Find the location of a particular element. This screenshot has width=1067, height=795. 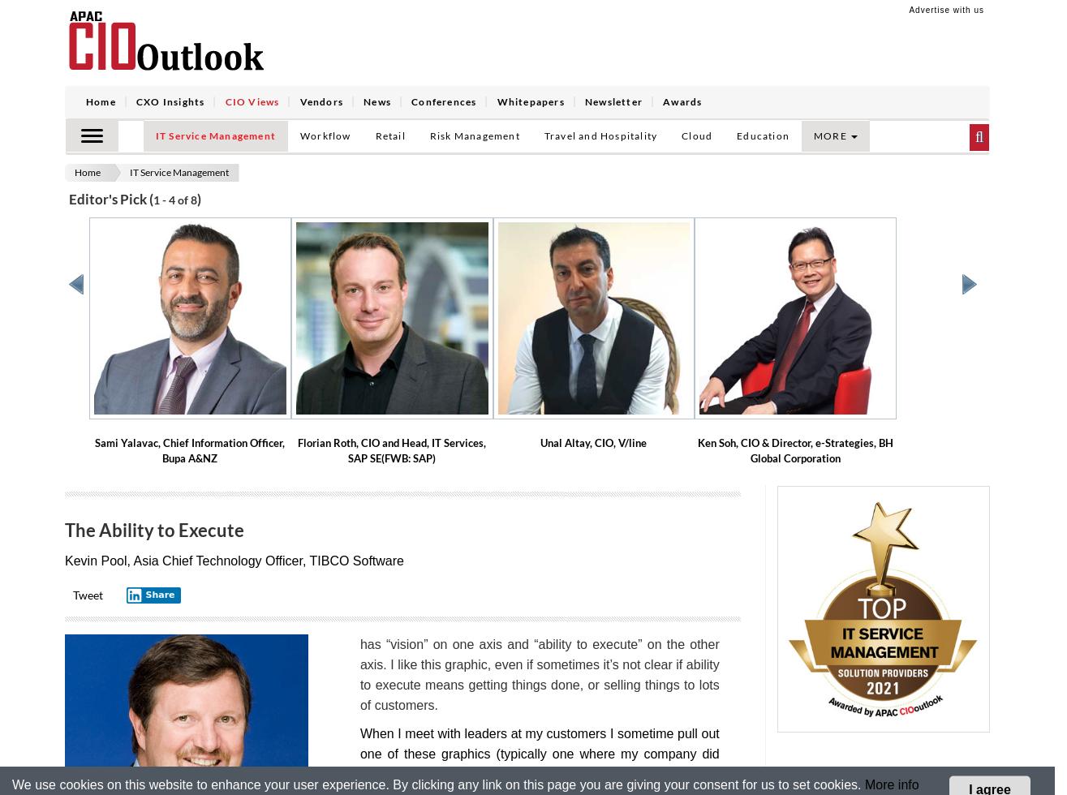

'We use cookies on this website to enhance
              your user experience. By clicking any link on this page you are giving your consent for us to set cookies.' is located at coordinates (437, 784).